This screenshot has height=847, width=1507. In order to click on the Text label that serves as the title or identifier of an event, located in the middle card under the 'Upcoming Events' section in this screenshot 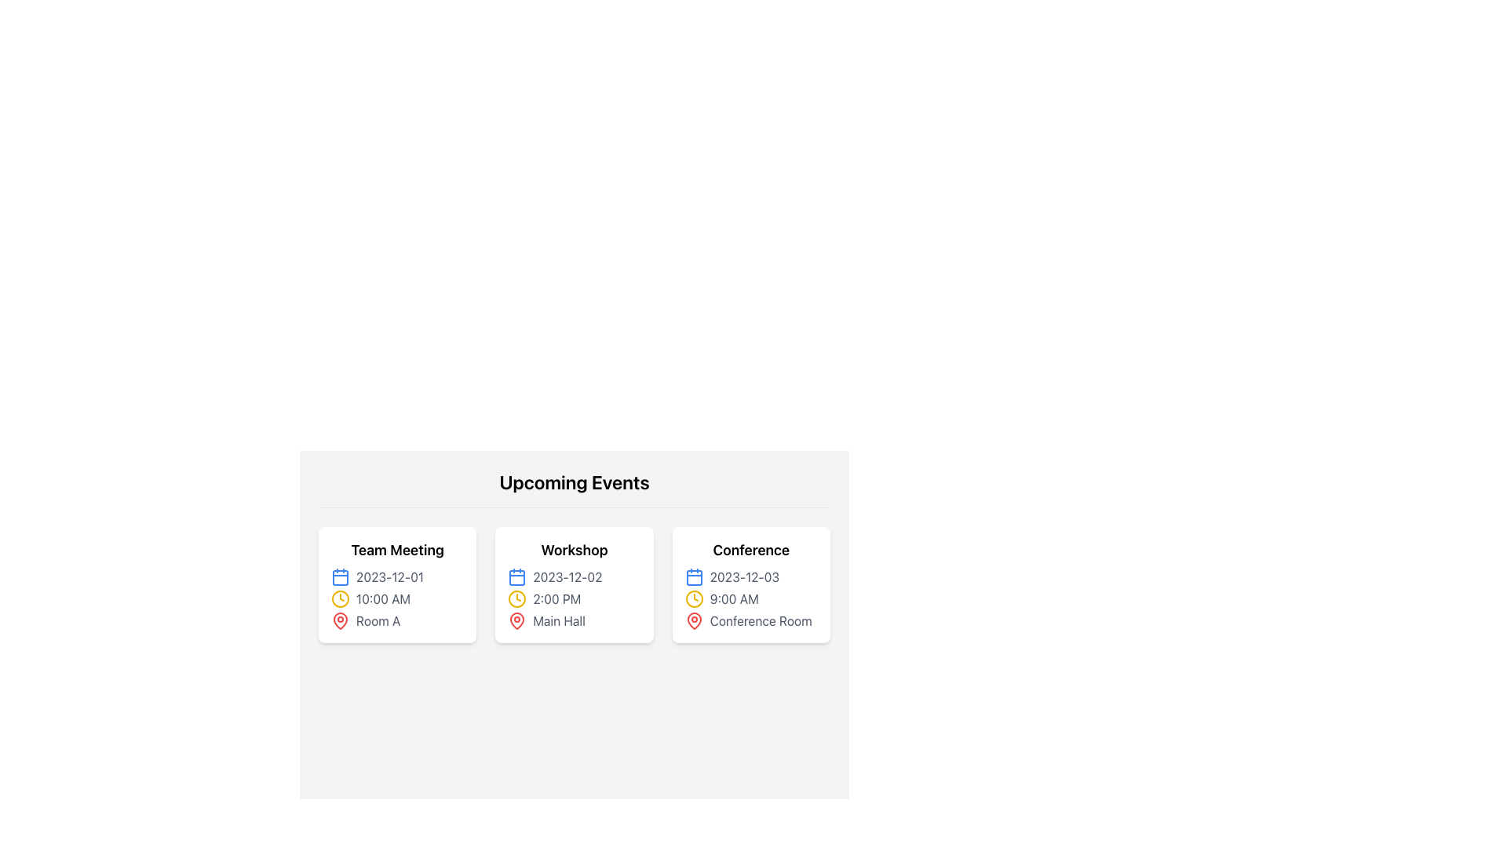, I will do `click(573, 550)`.